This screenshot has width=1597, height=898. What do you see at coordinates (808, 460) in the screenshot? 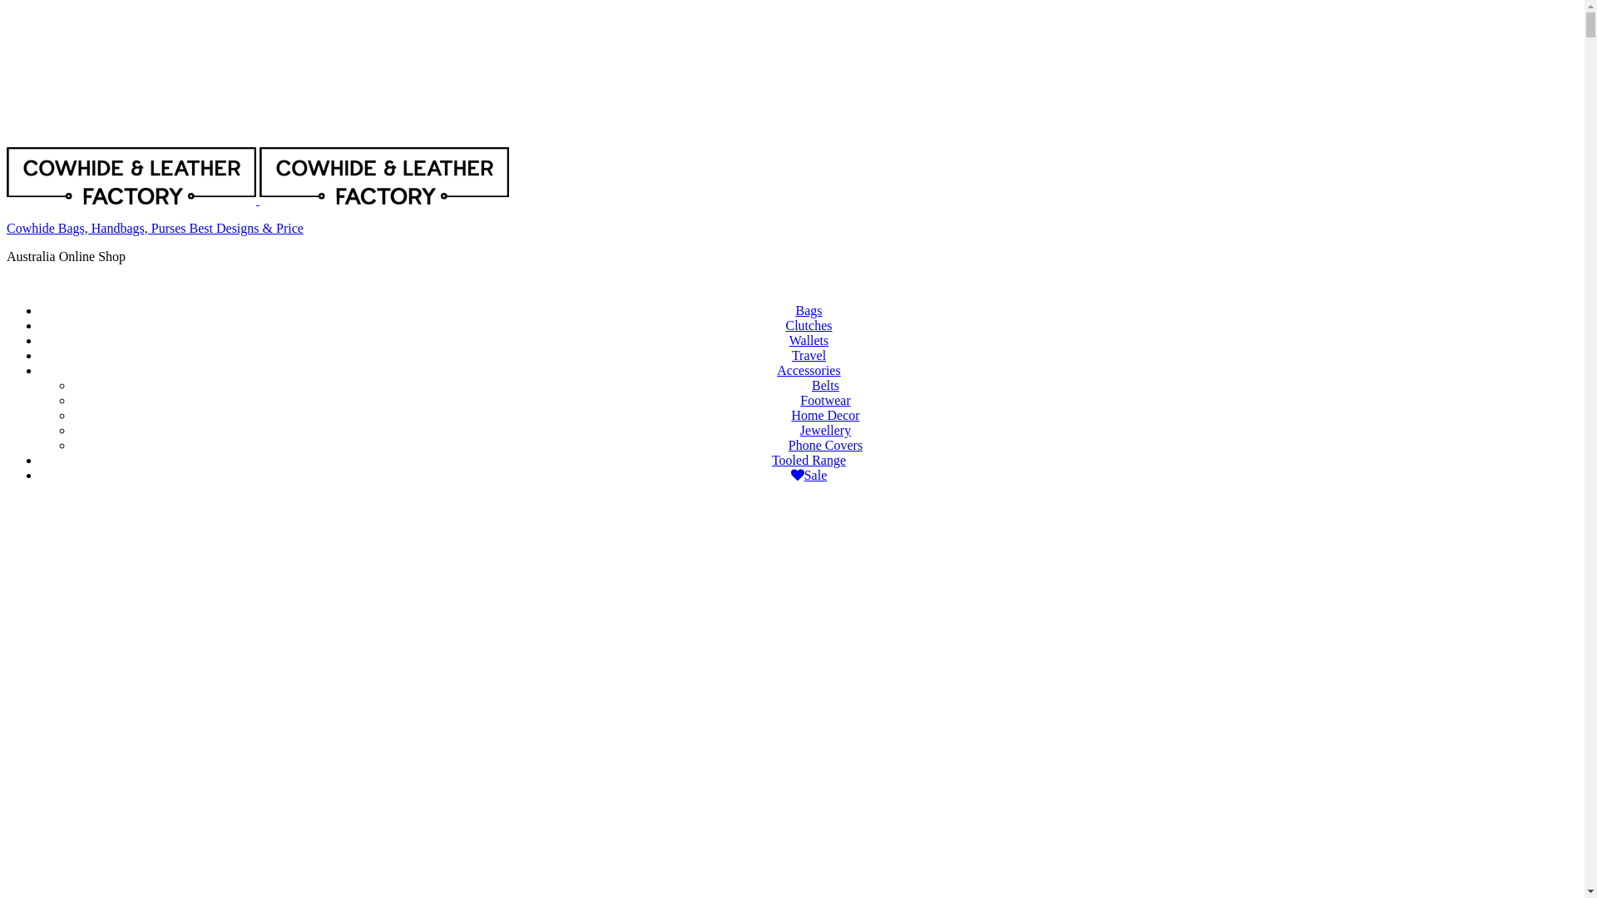
I see `'Tooled Range'` at bounding box center [808, 460].